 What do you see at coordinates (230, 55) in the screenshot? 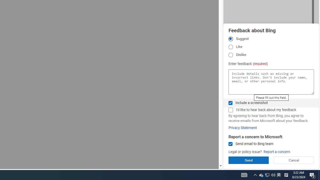
I see `'Dislike'` at bounding box center [230, 55].